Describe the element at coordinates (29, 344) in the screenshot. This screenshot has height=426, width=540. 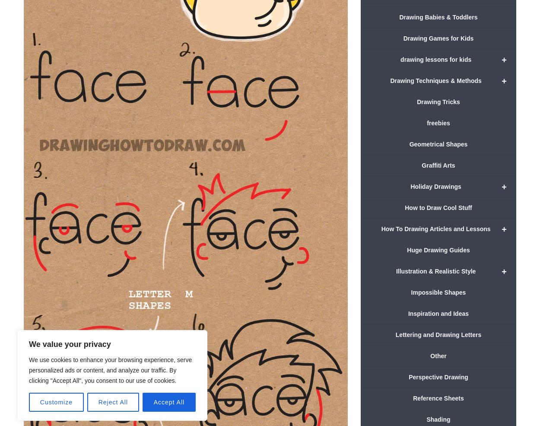
I see `'We value your privacy'` at that location.